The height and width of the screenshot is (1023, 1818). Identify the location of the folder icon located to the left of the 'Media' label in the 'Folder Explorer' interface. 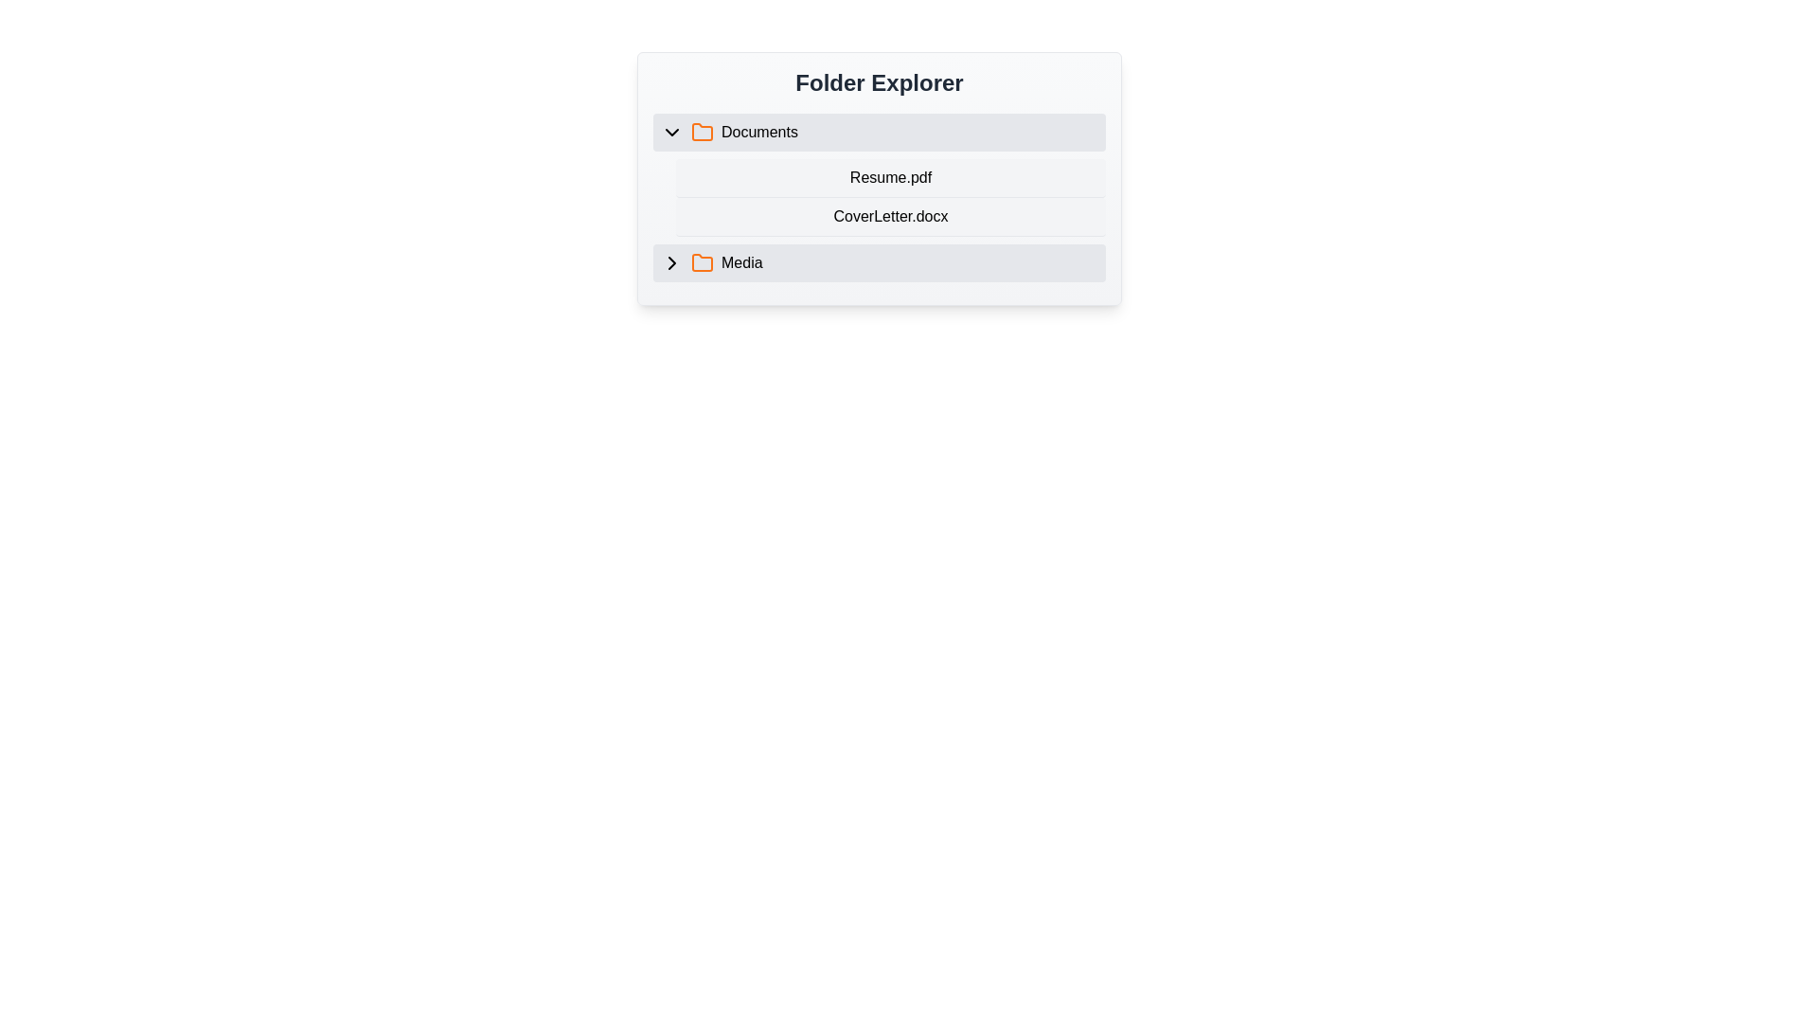
(702, 262).